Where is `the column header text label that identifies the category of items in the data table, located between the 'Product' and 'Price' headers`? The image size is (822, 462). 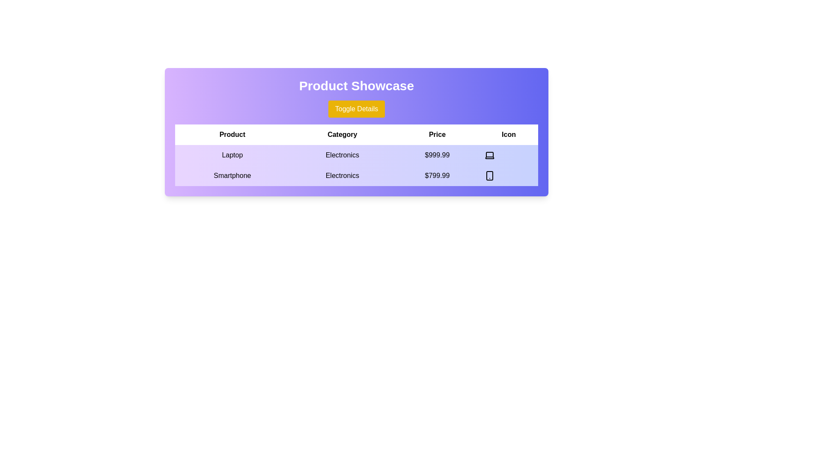 the column header text label that identifies the category of items in the data table, located between the 'Product' and 'Price' headers is located at coordinates (342, 135).